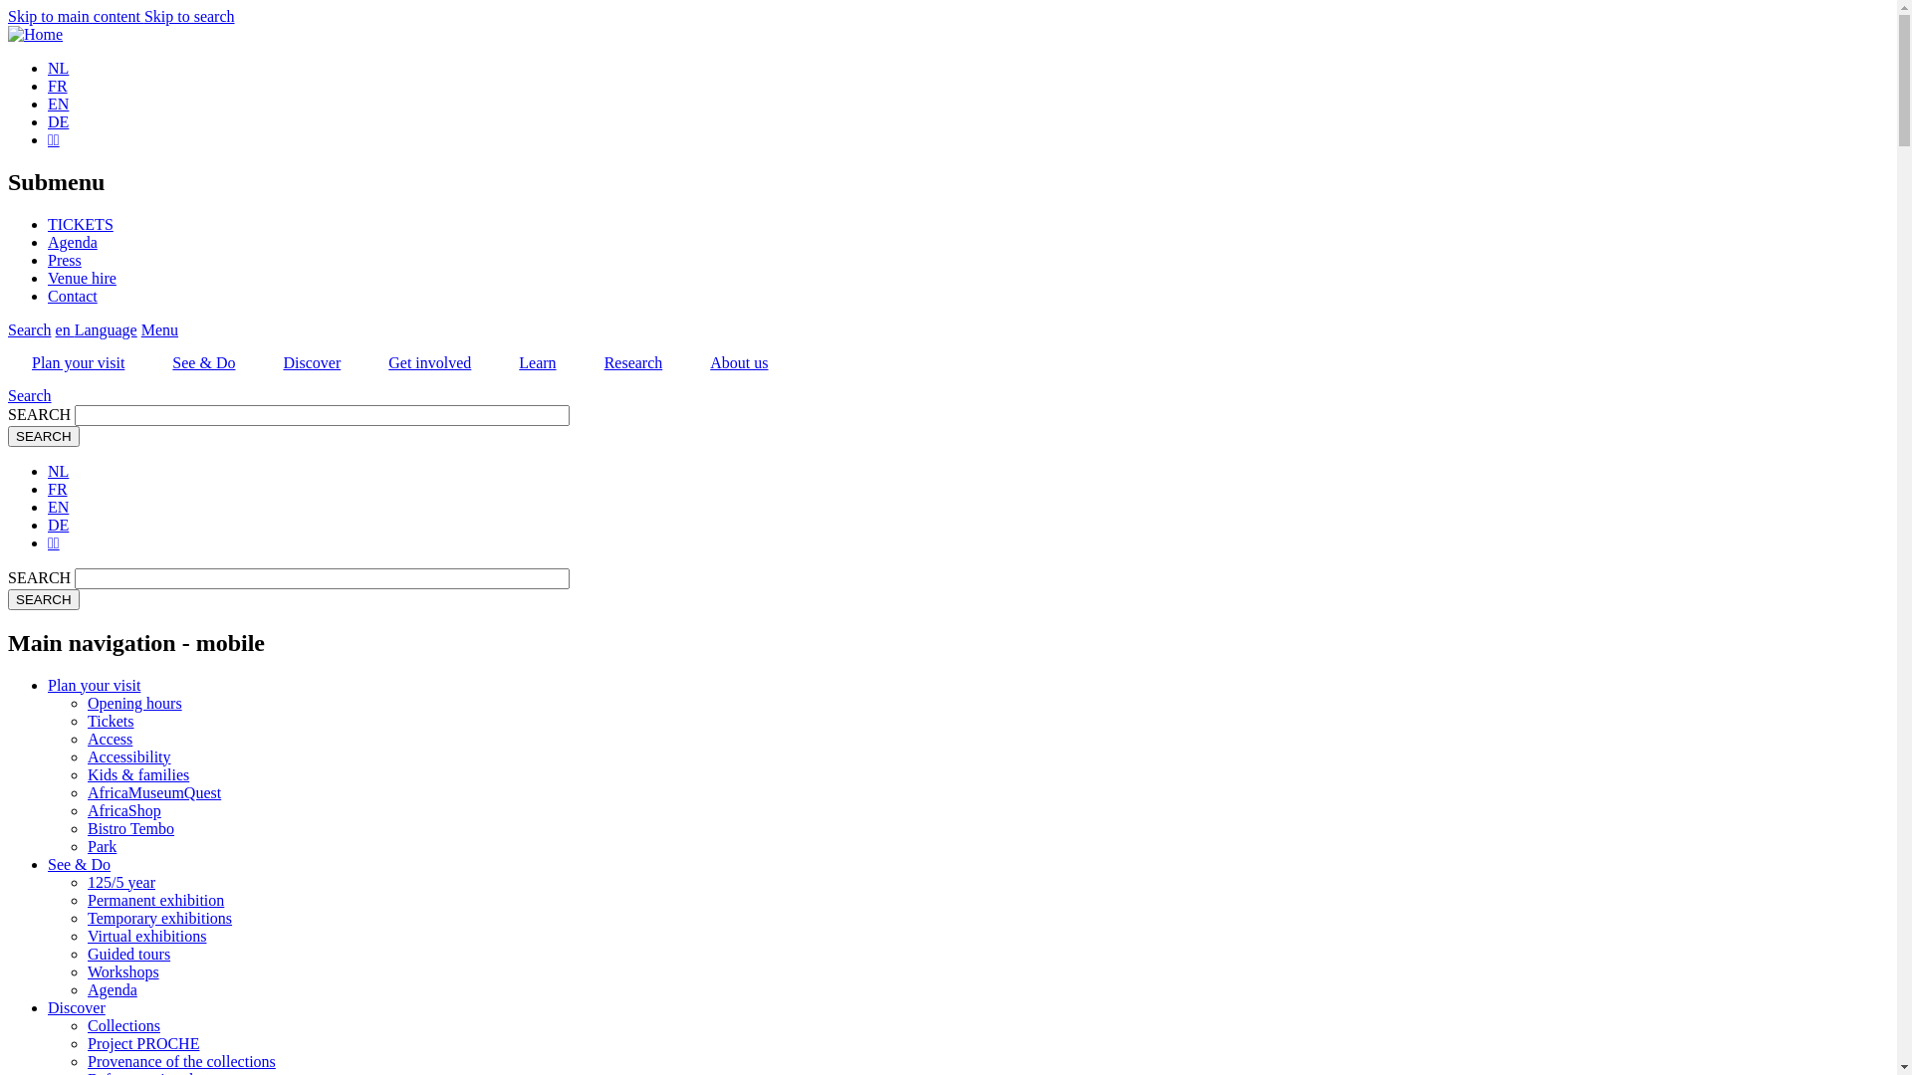 This screenshot has height=1075, width=1912. I want to click on 'Research', so click(579, 363).